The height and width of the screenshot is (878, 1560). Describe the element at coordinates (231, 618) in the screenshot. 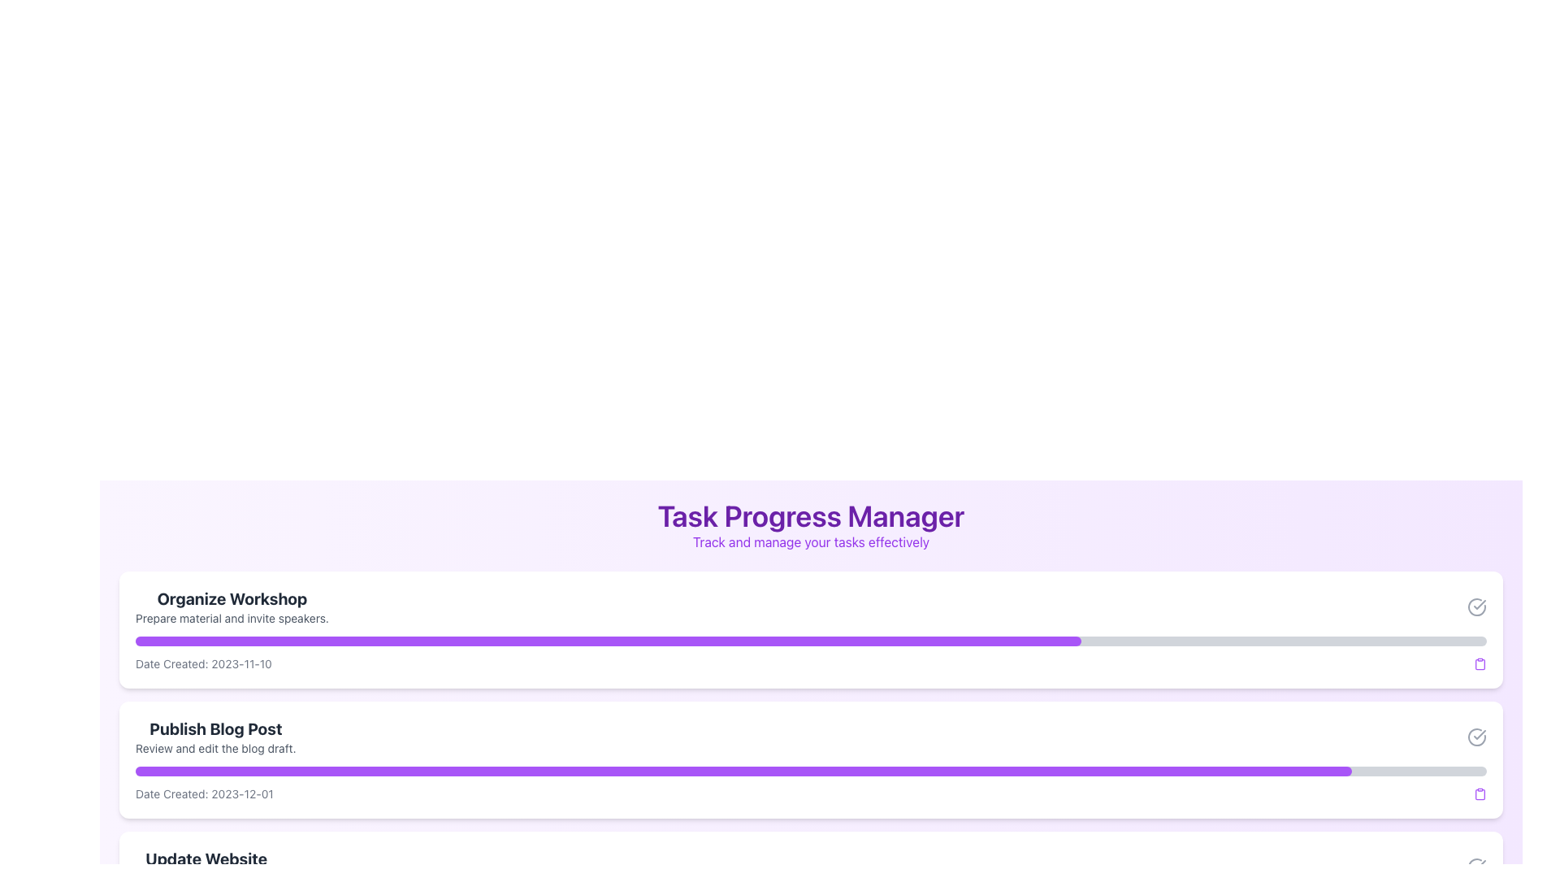

I see `text contained in the text label that reads 'Prepare material and invite speakers.' located beneath the 'Organize Workshop' title` at that location.